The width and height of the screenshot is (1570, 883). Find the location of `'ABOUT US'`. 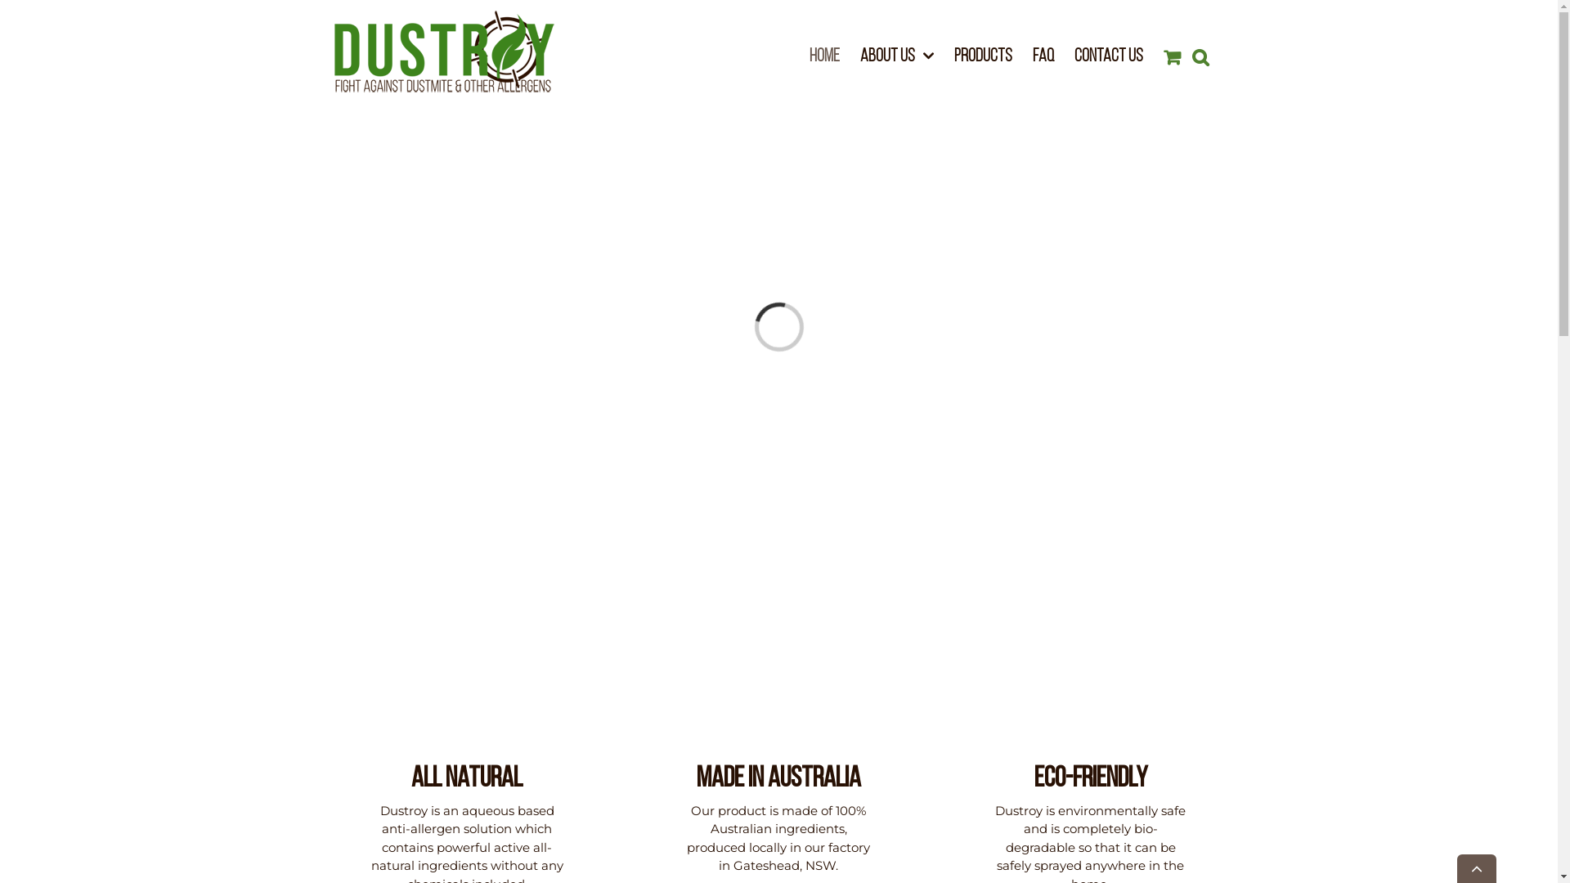

'ABOUT US' is located at coordinates (896, 56).